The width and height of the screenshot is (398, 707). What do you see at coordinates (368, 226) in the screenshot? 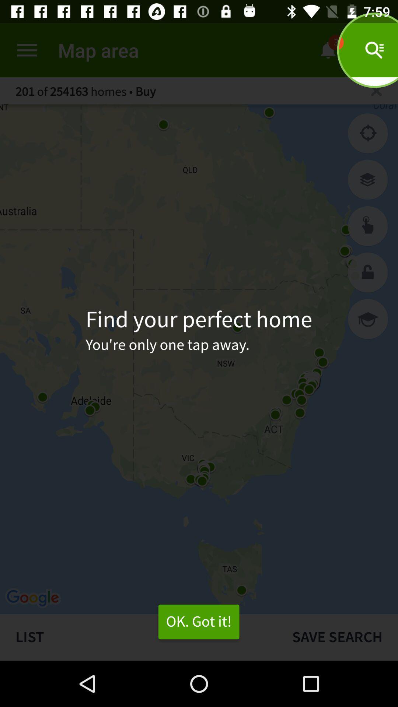
I see `area button` at bounding box center [368, 226].